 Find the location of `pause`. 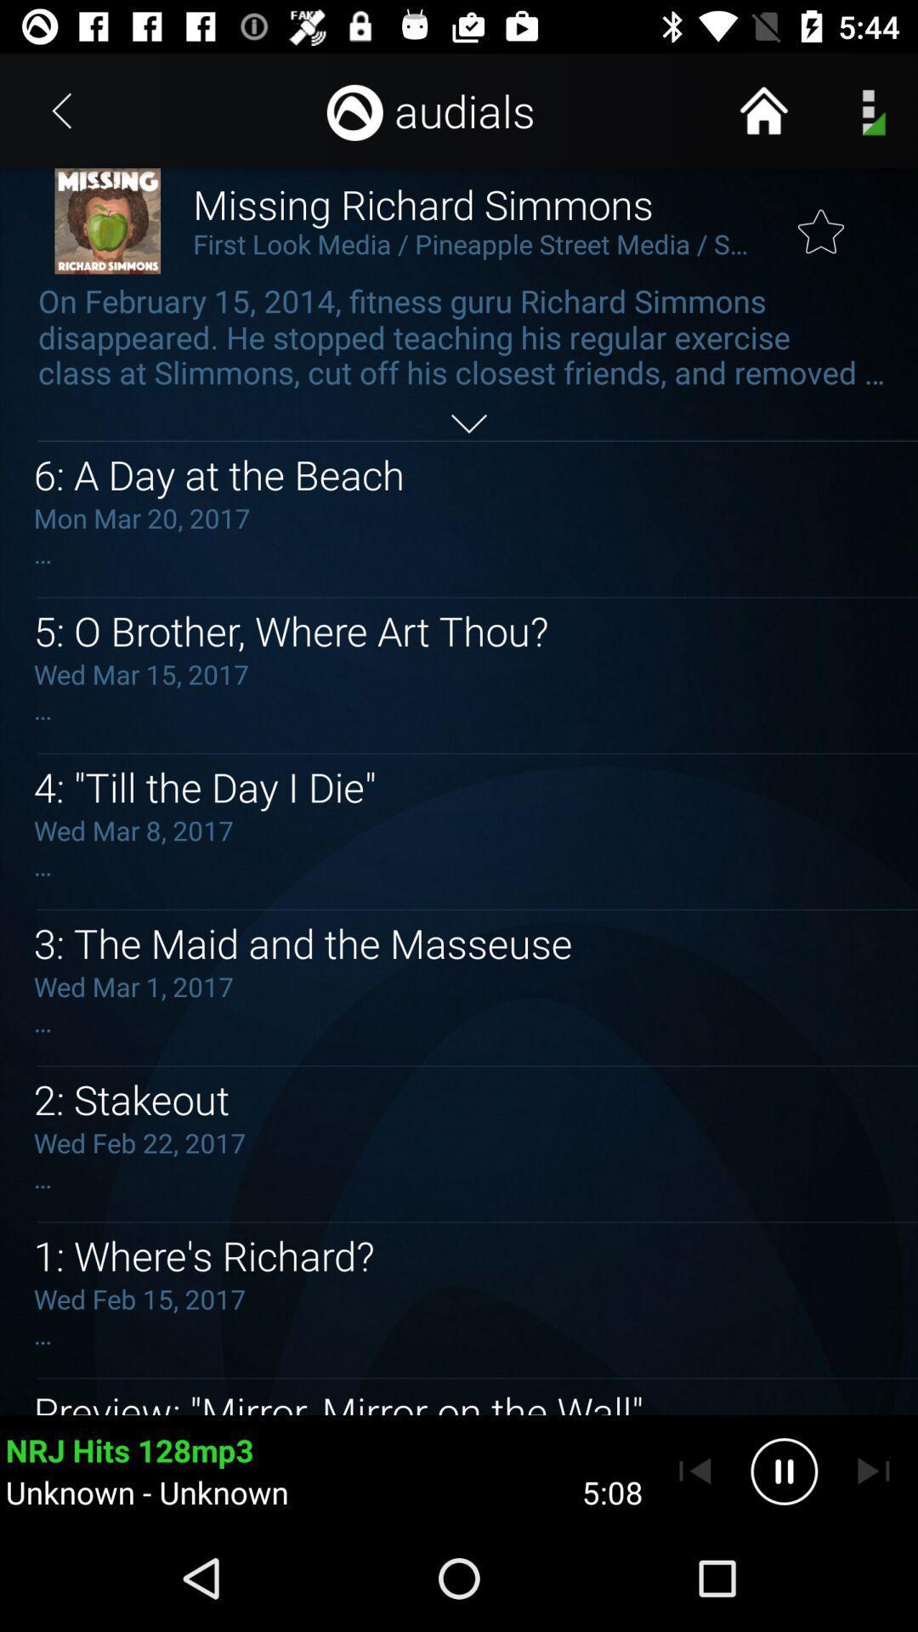

pause is located at coordinates (784, 1470).